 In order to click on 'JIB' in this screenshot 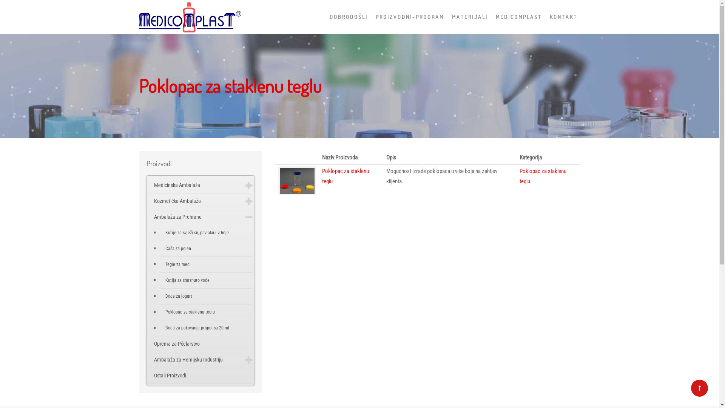, I will do `click(369, 251)`.